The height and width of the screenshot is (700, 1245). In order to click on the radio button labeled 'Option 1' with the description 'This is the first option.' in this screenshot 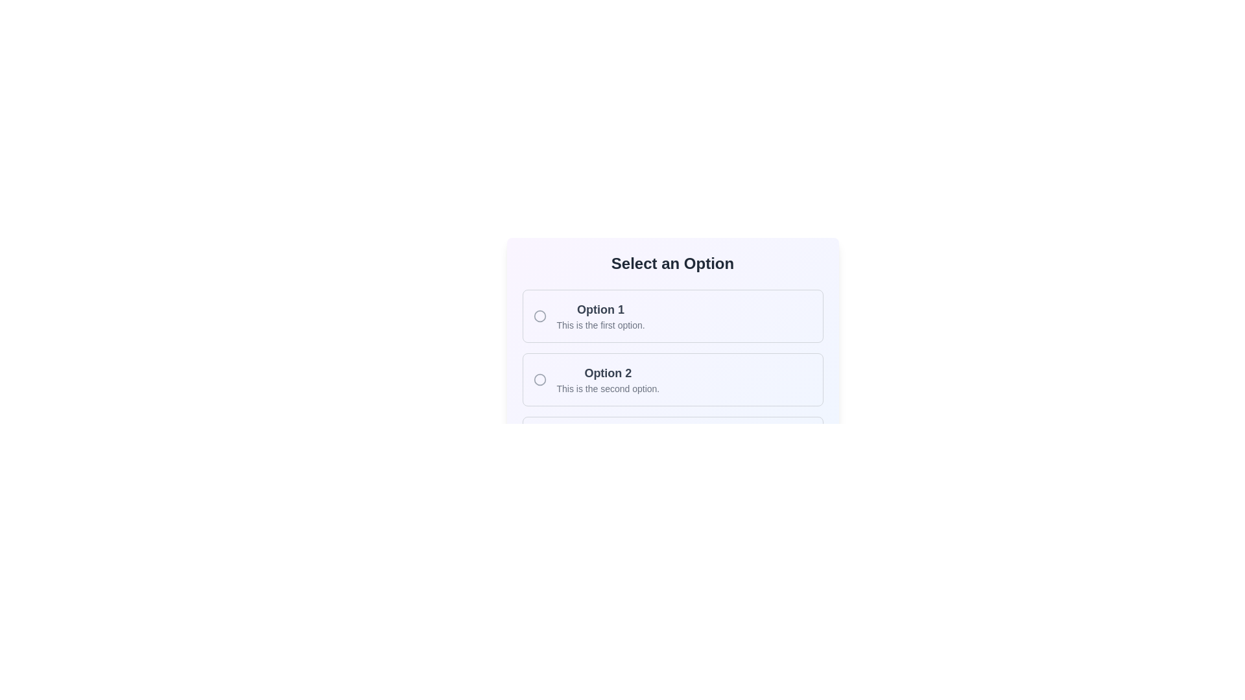, I will do `click(600, 316)`.